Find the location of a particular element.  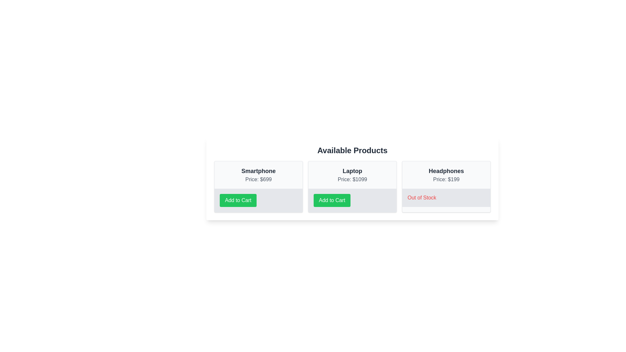

the 'Out of Stock' text label in red font indicating the unavailability of the Headphones item, which is located in the lower-right section of the card is located at coordinates (422, 197).